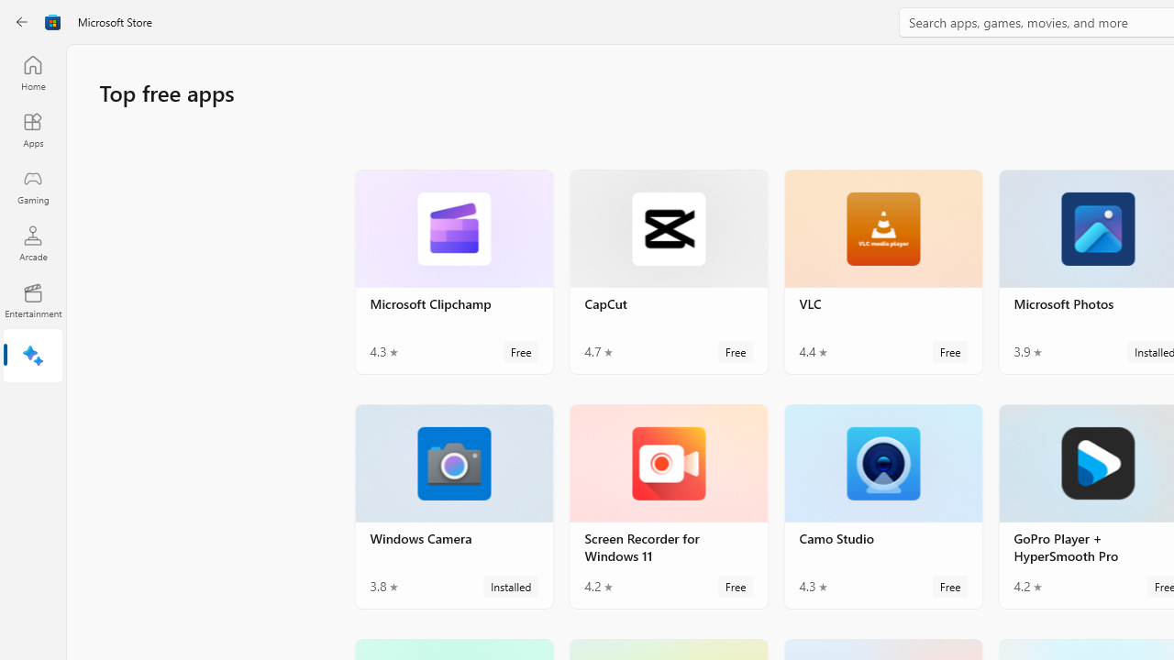 This screenshot has height=660, width=1174. Describe the element at coordinates (22, 22) in the screenshot. I see `'Back'` at that location.